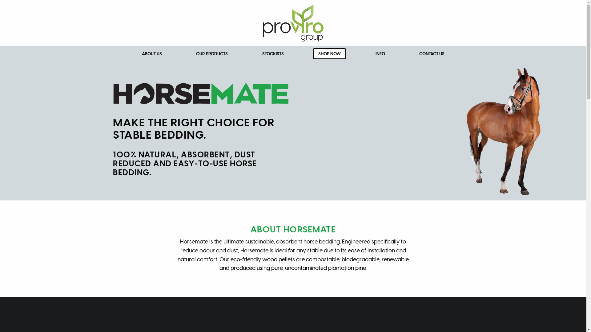 The height and width of the screenshot is (332, 591). I want to click on 'CONTACT US', so click(431, 53).